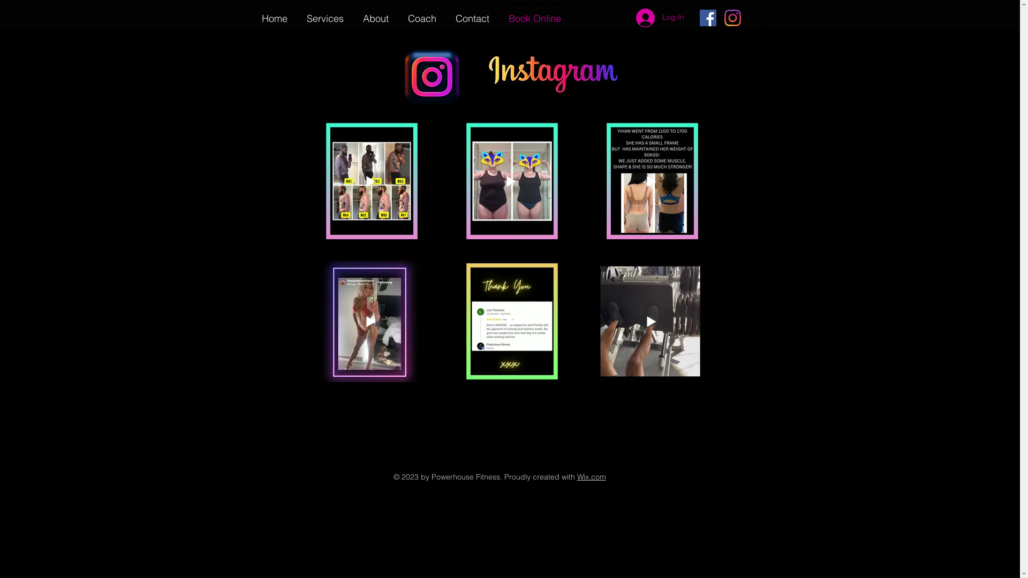 The width and height of the screenshot is (1028, 578). Describe the element at coordinates (471, 14) in the screenshot. I see `'Contact'` at that location.